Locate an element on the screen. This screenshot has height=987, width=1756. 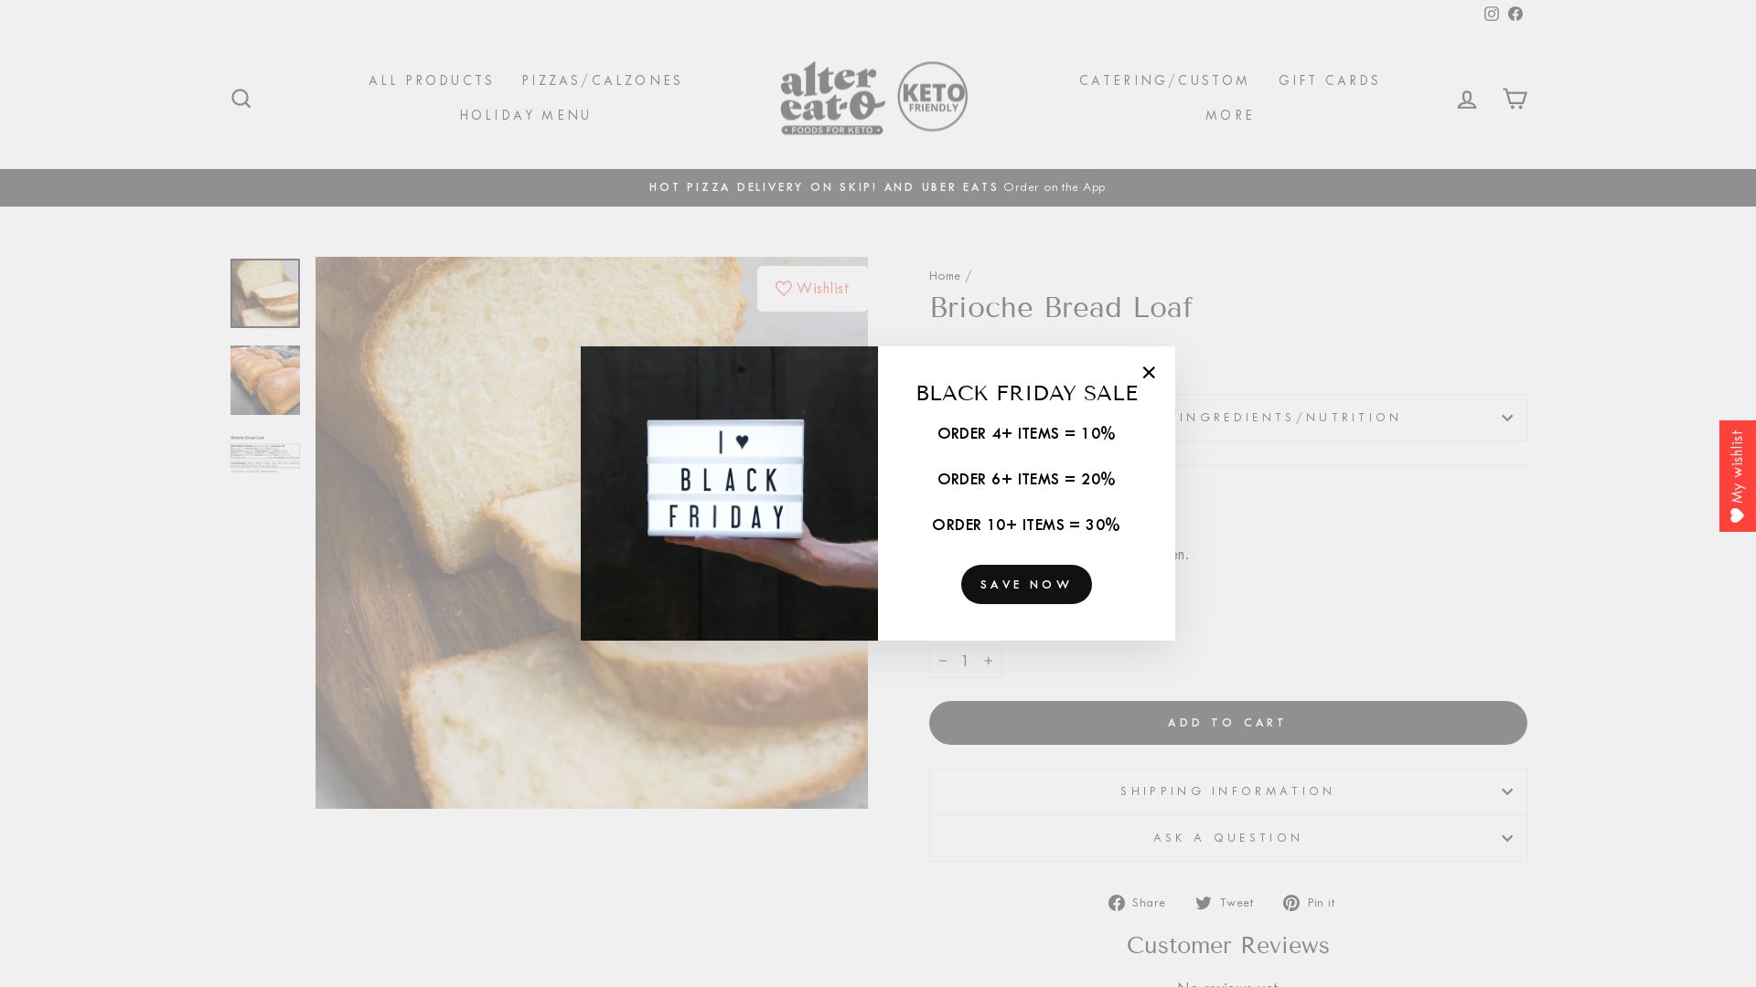
'CART' is located at coordinates (1515, 99).